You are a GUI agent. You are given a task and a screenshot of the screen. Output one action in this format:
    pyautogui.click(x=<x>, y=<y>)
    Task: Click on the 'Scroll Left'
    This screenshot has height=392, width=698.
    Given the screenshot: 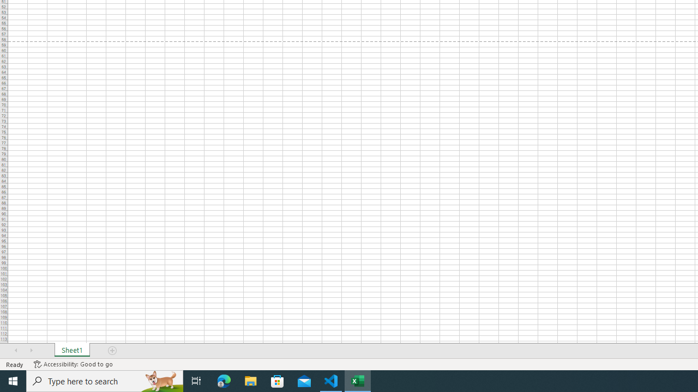 What is the action you would take?
    pyautogui.click(x=16, y=351)
    